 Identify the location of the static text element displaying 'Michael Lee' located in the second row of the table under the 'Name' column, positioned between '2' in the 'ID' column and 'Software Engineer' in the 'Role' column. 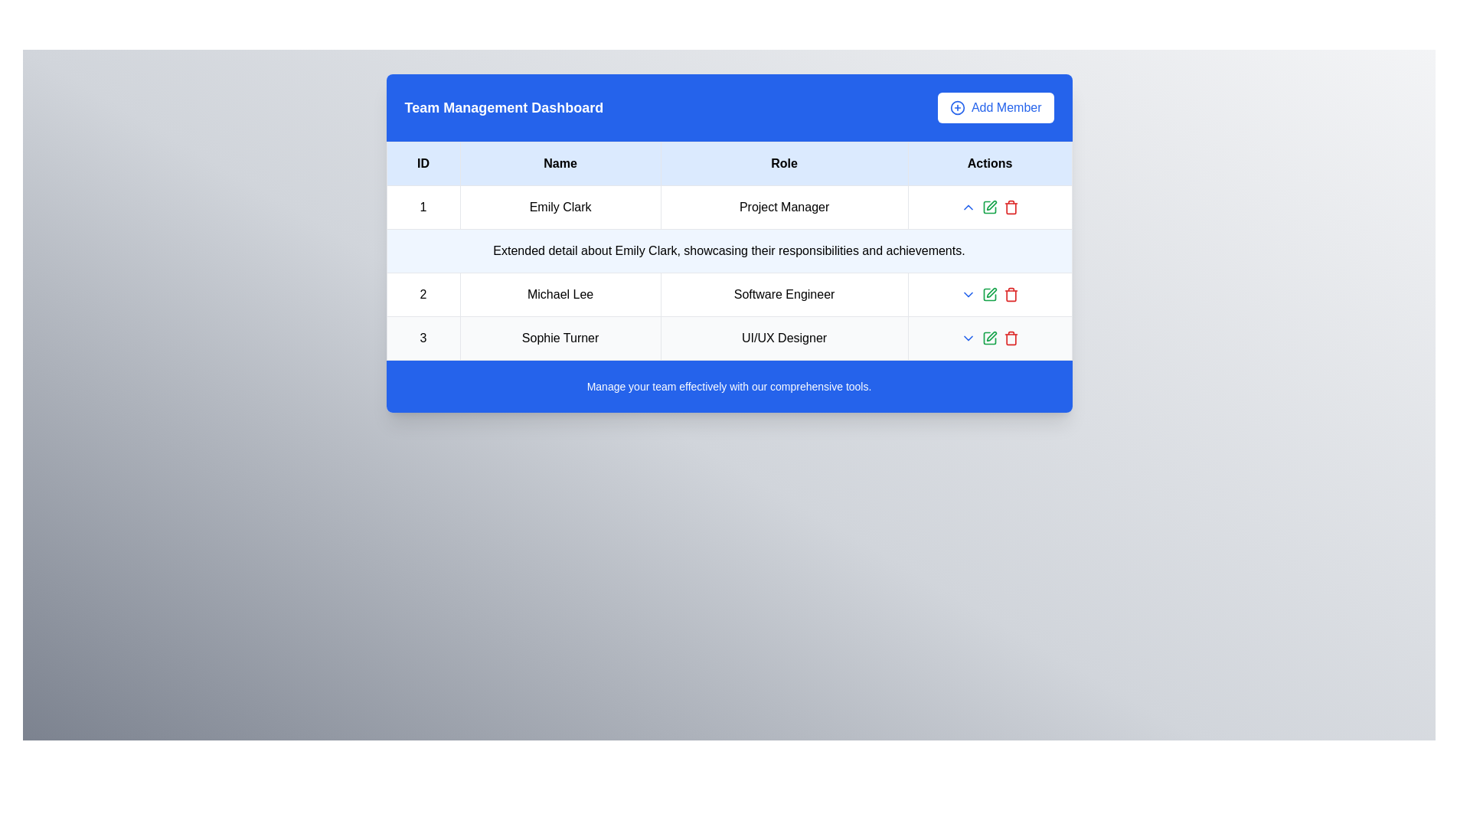
(560, 295).